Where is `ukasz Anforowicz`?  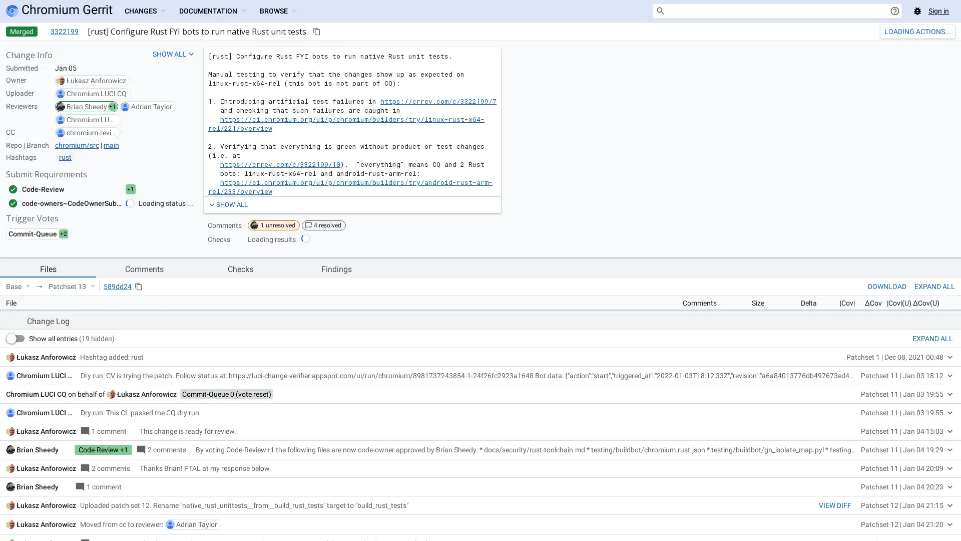
ukasz Anforowicz is located at coordinates (46, 494).